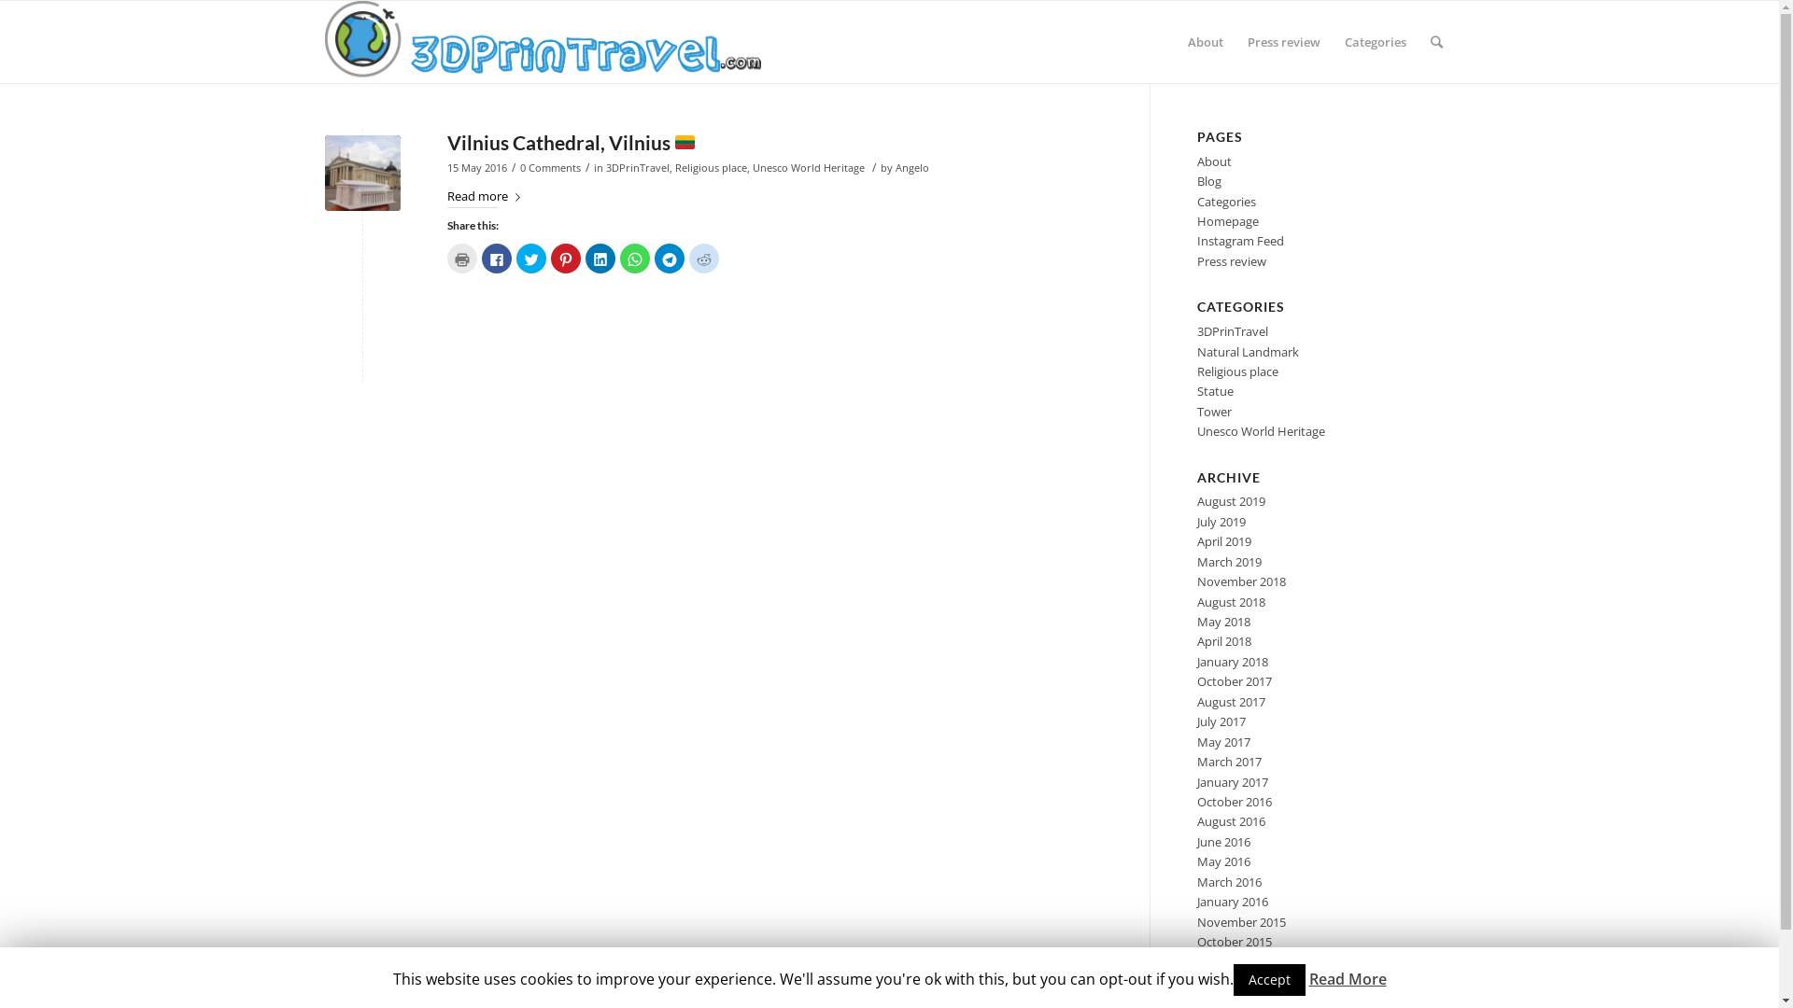 The height and width of the screenshot is (1008, 1793). I want to click on 'March 2016', so click(1229, 882).